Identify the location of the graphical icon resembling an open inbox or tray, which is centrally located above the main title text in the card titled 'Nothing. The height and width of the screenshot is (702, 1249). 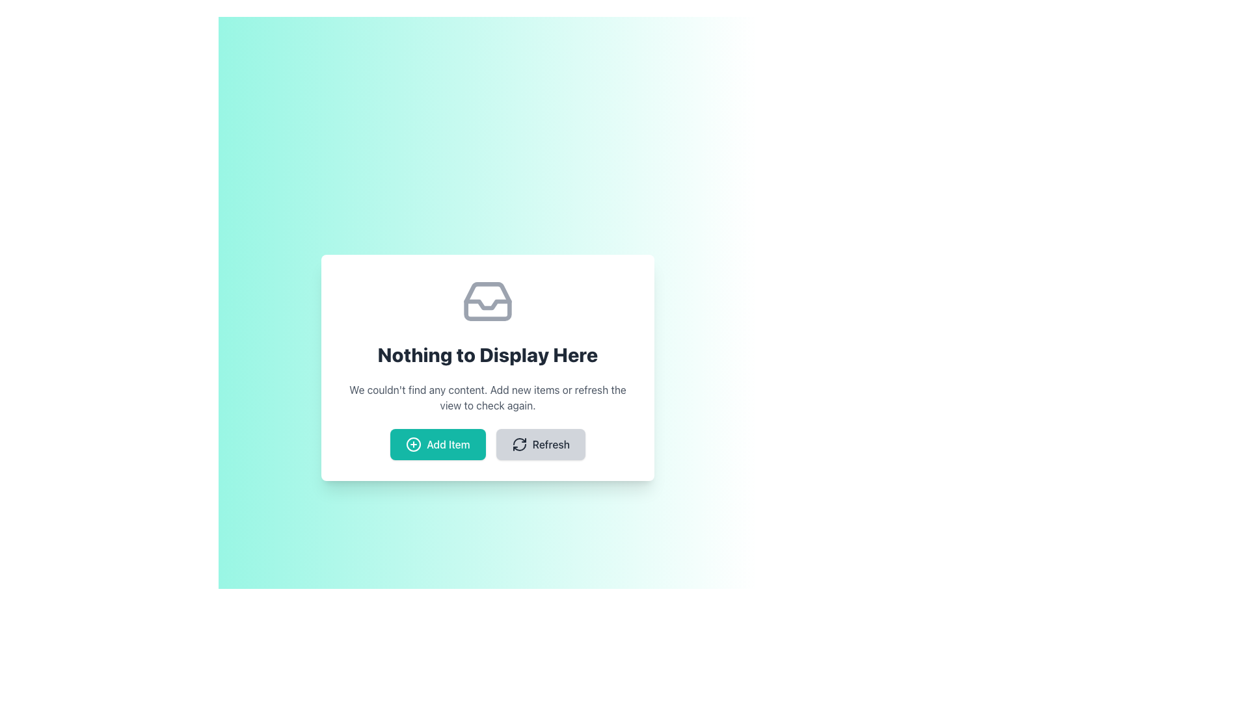
(487, 301).